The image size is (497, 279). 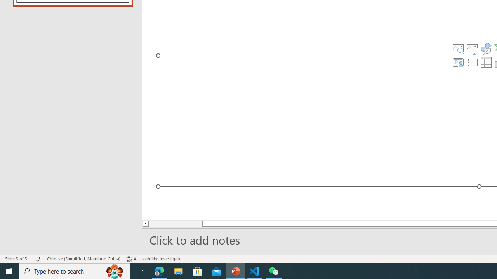 What do you see at coordinates (154, 259) in the screenshot?
I see `'Accessibility Checker Accessibility: Investigate'` at bounding box center [154, 259].